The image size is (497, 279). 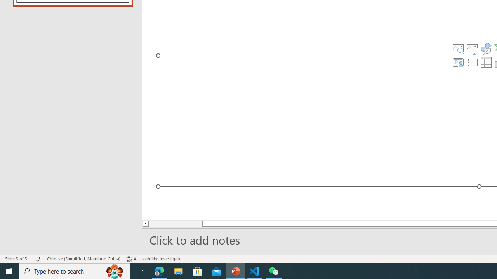 What do you see at coordinates (154, 259) in the screenshot?
I see `'Accessibility Checker Accessibility: Investigate'` at bounding box center [154, 259].